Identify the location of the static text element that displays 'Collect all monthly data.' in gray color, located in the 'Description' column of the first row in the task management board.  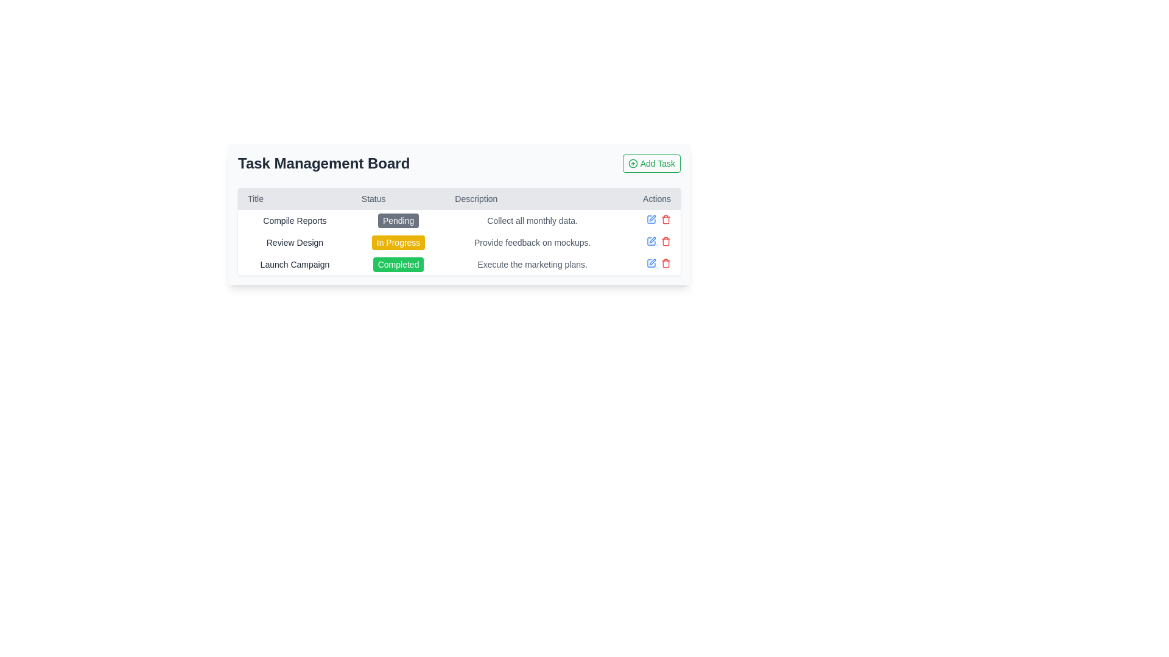
(532, 220).